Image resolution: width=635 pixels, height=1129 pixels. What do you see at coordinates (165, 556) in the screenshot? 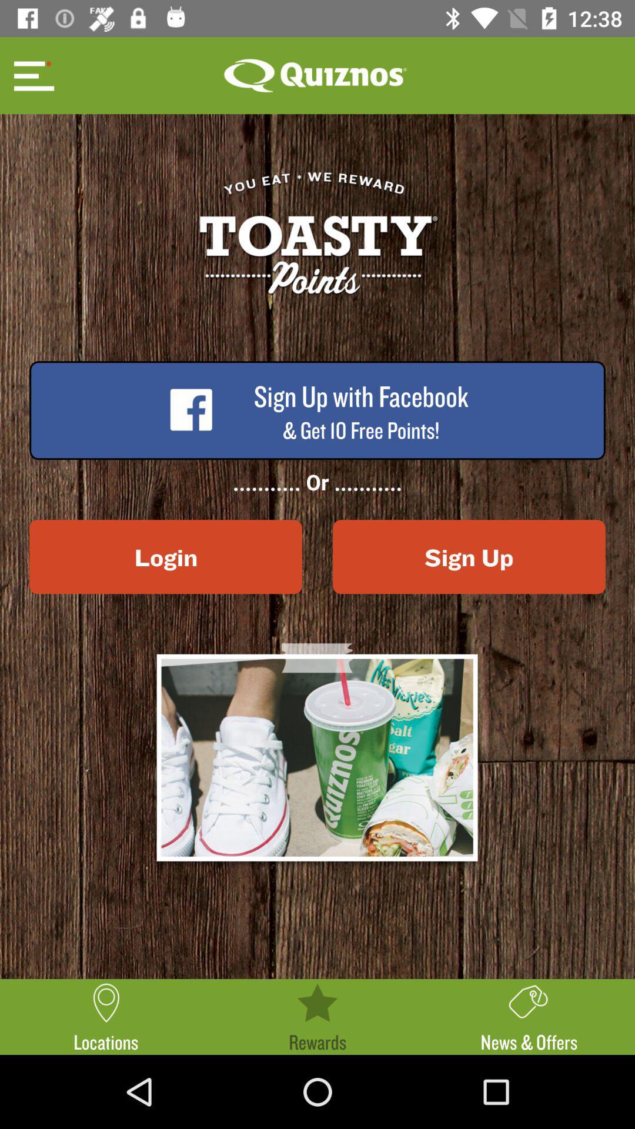
I see `item to the left of the sign up icon` at bounding box center [165, 556].